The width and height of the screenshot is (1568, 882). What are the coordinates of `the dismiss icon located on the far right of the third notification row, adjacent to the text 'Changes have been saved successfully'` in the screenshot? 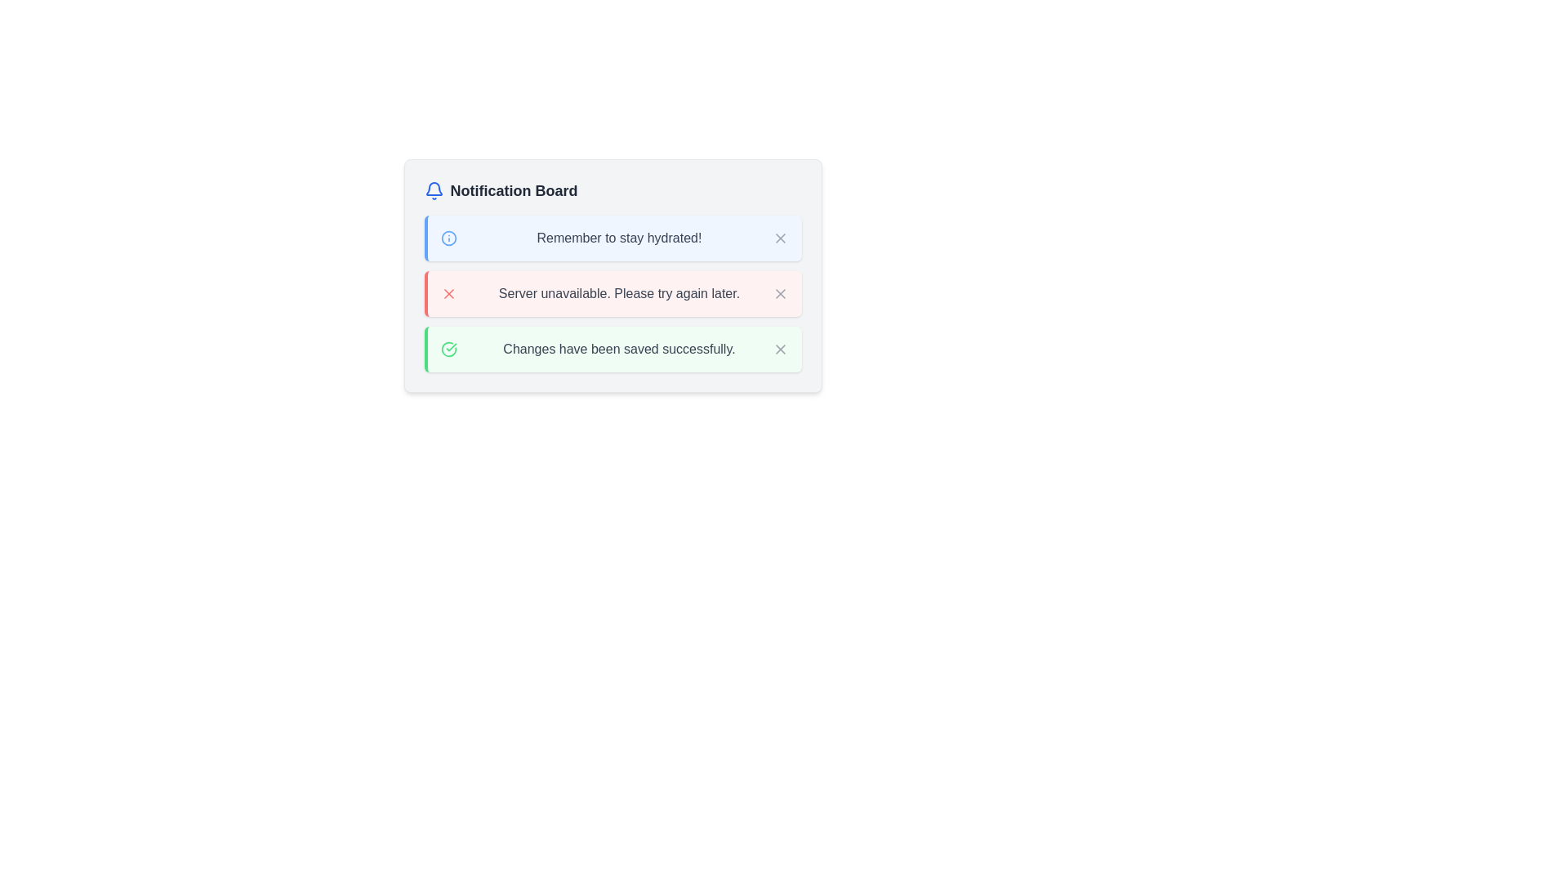 It's located at (779, 349).